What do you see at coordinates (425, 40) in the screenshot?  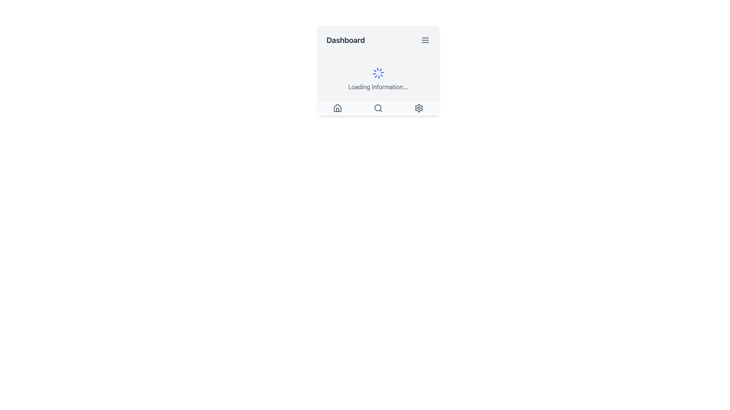 I see `the gray icon with three horizontal lines stacked vertically, located to the right of the 'Dashboard' label in the header section` at bounding box center [425, 40].